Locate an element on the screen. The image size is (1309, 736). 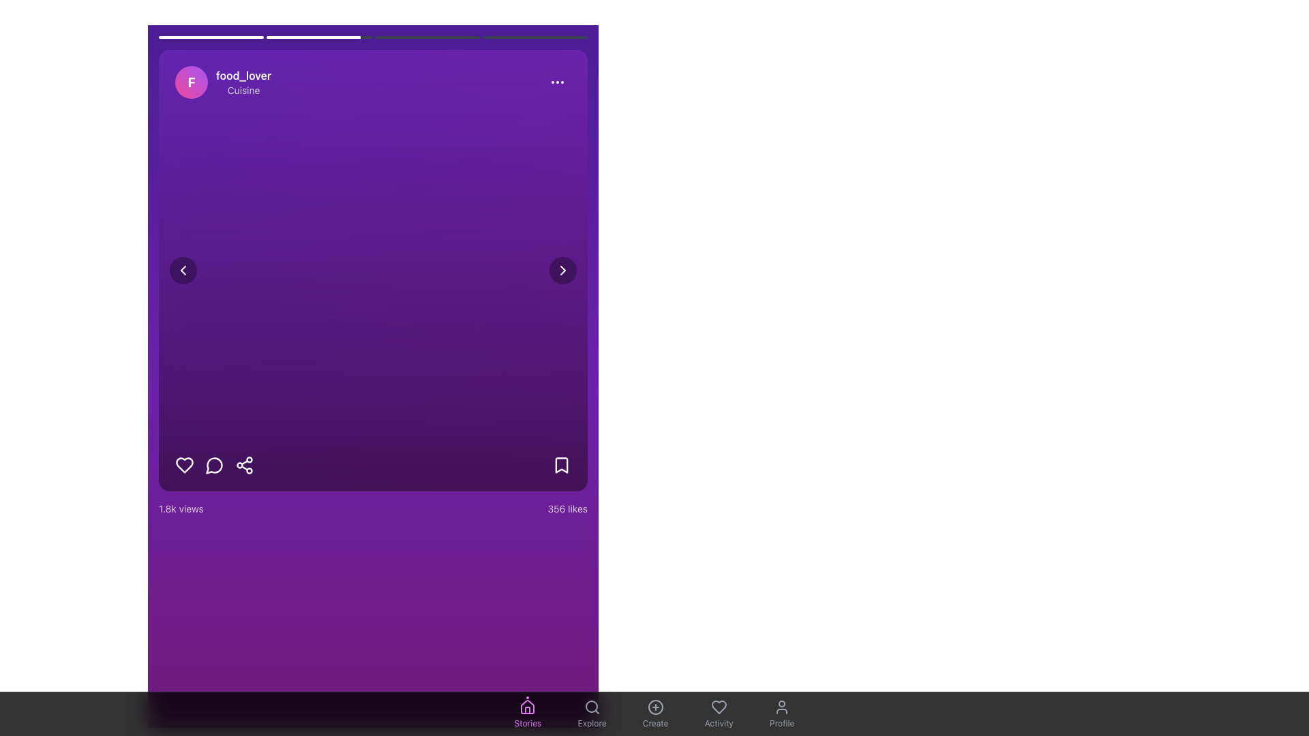
the comment button located between the heart icon and share icon at the bottom left of the main content is located at coordinates (214, 464).